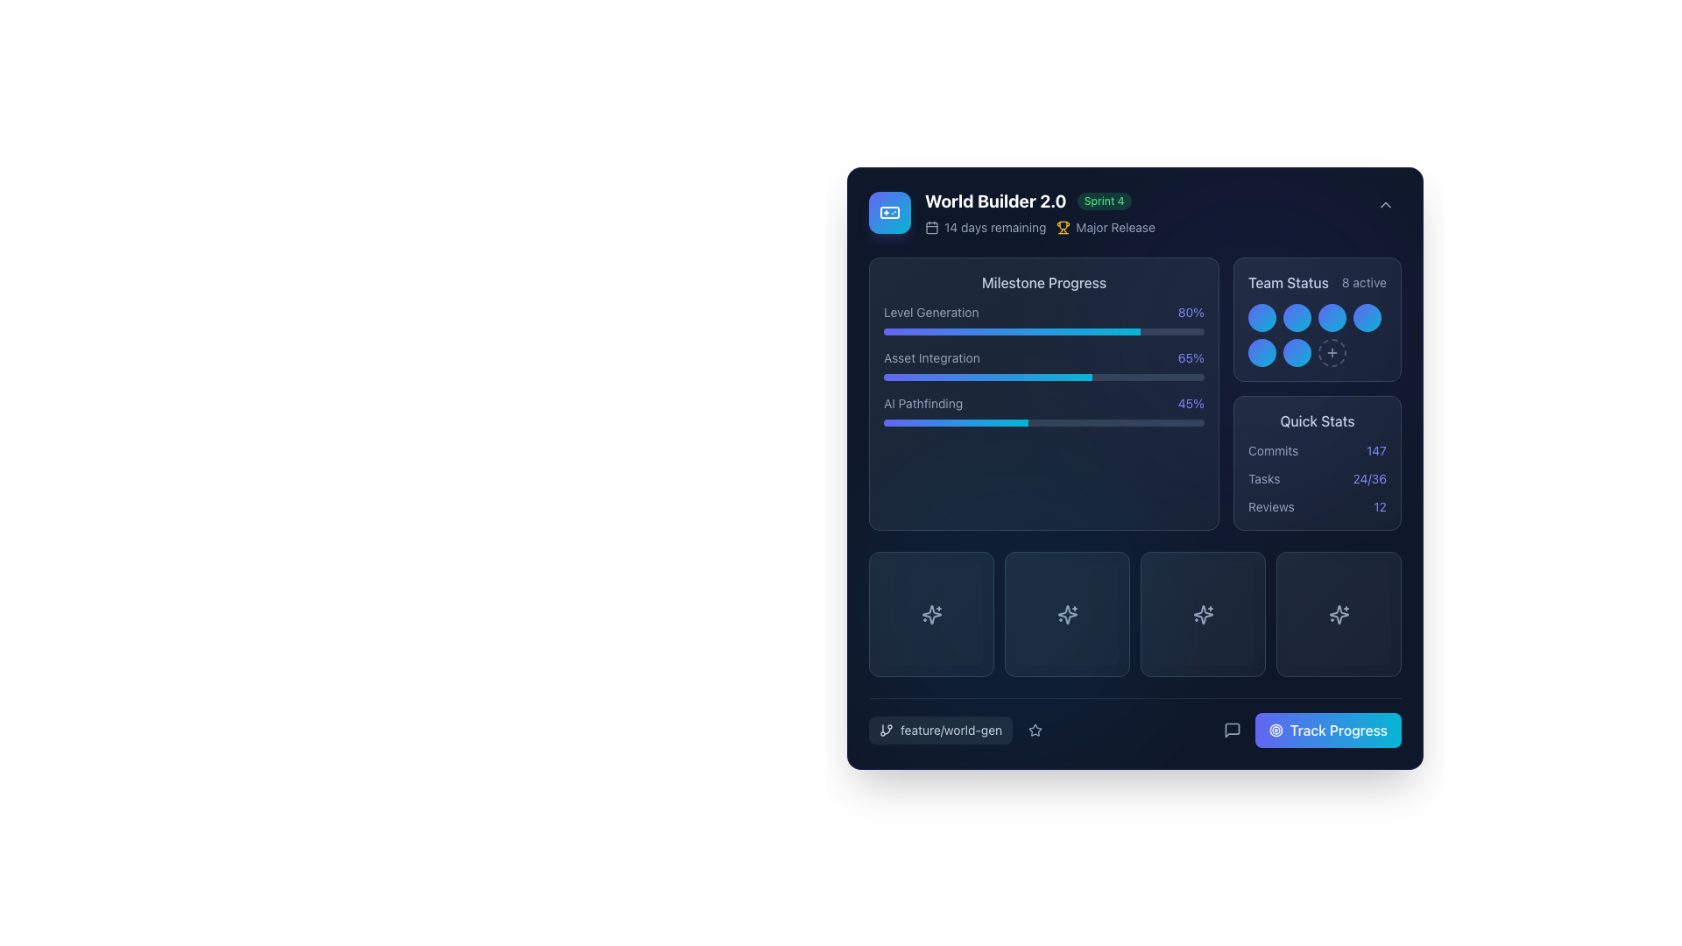 The height and width of the screenshot is (946, 1682). What do you see at coordinates (1063, 331) in the screenshot?
I see `progress` at bounding box center [1063, 331].